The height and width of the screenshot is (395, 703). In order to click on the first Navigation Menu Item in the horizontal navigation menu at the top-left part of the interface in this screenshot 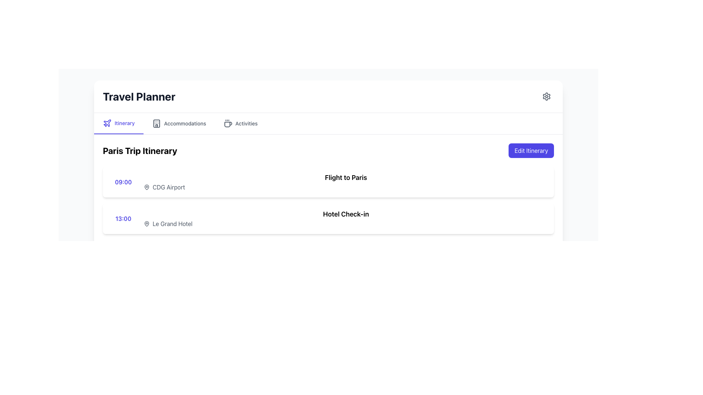, I will do `click(119, 123)`.